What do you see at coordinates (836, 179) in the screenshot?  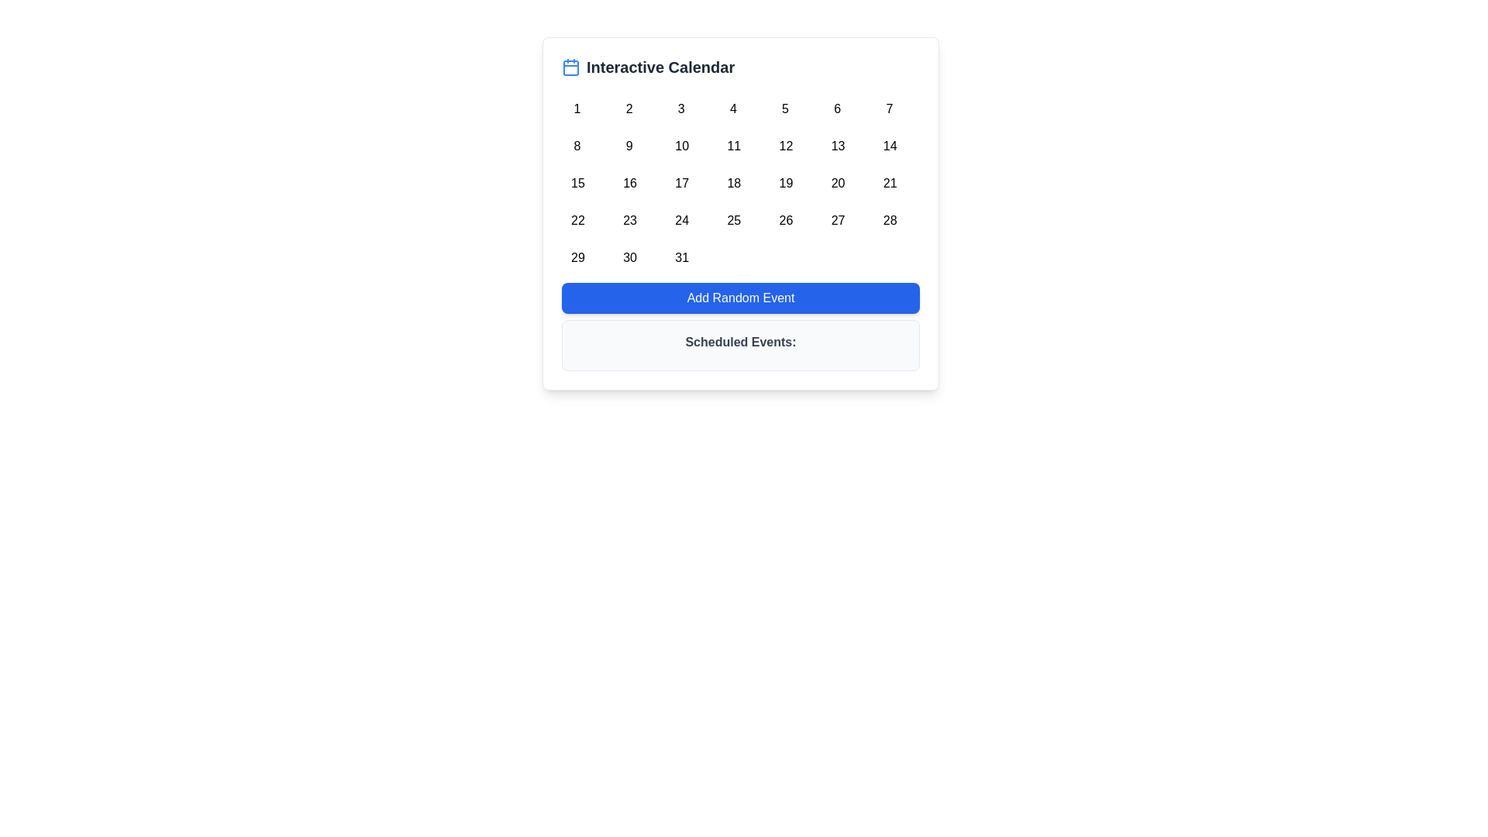 I see `the square button labeled '20' in the calendar grid` at bounding box center [836, 179].